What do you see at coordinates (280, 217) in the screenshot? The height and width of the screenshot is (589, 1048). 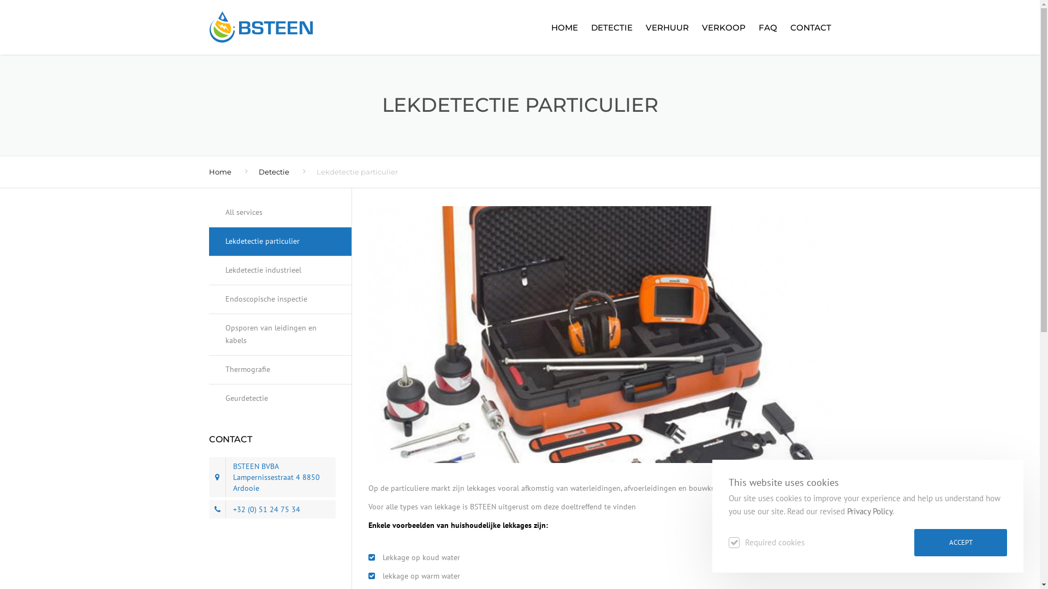 I see `'All services'` at bounding box center [280, 217].